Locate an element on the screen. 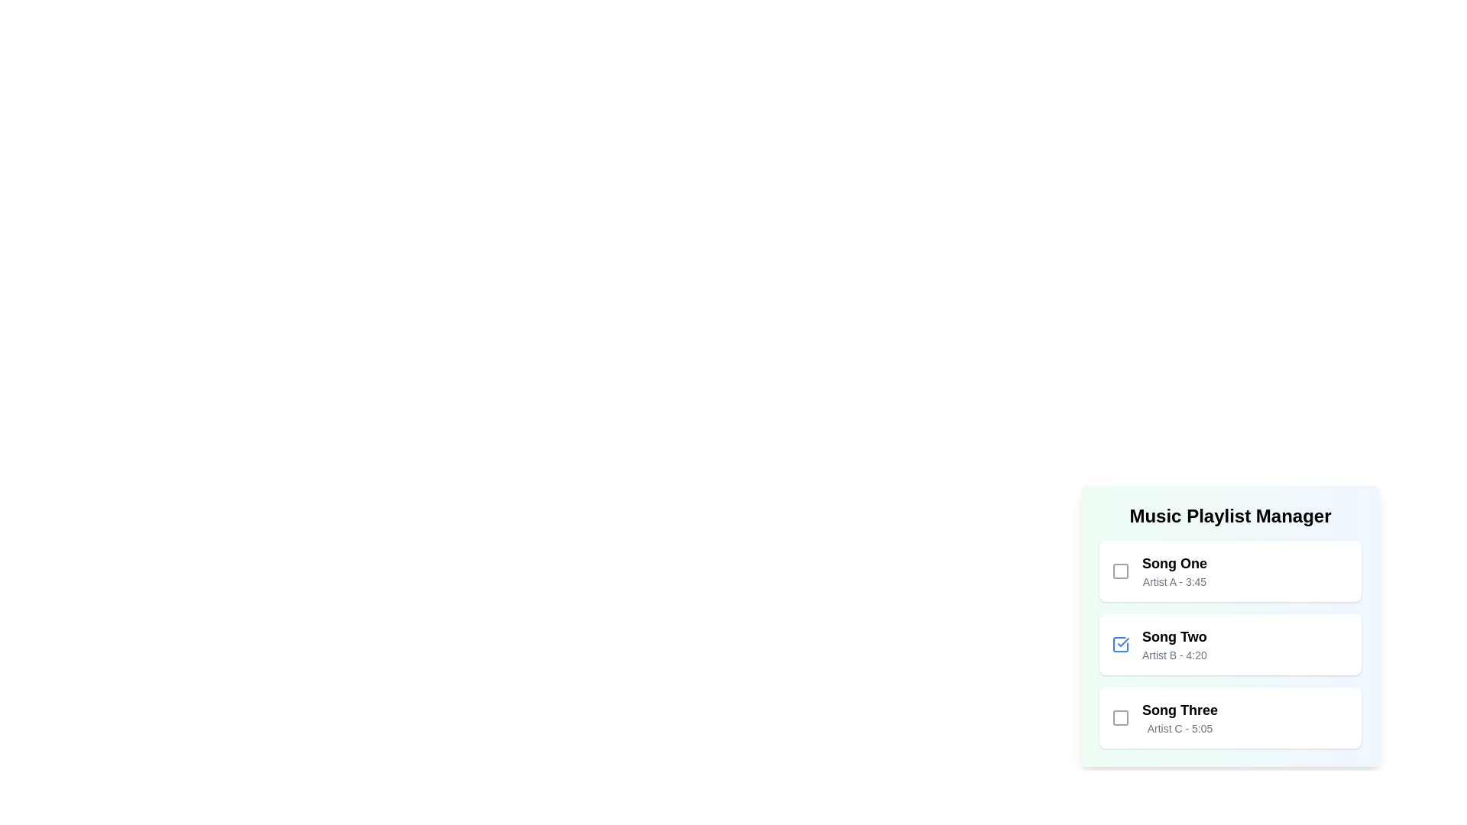  text label displaying the title of the second song in the playlist, located in the middle of the interface below 'Music Playlist Manager' is located at coordinates (1174, 636).